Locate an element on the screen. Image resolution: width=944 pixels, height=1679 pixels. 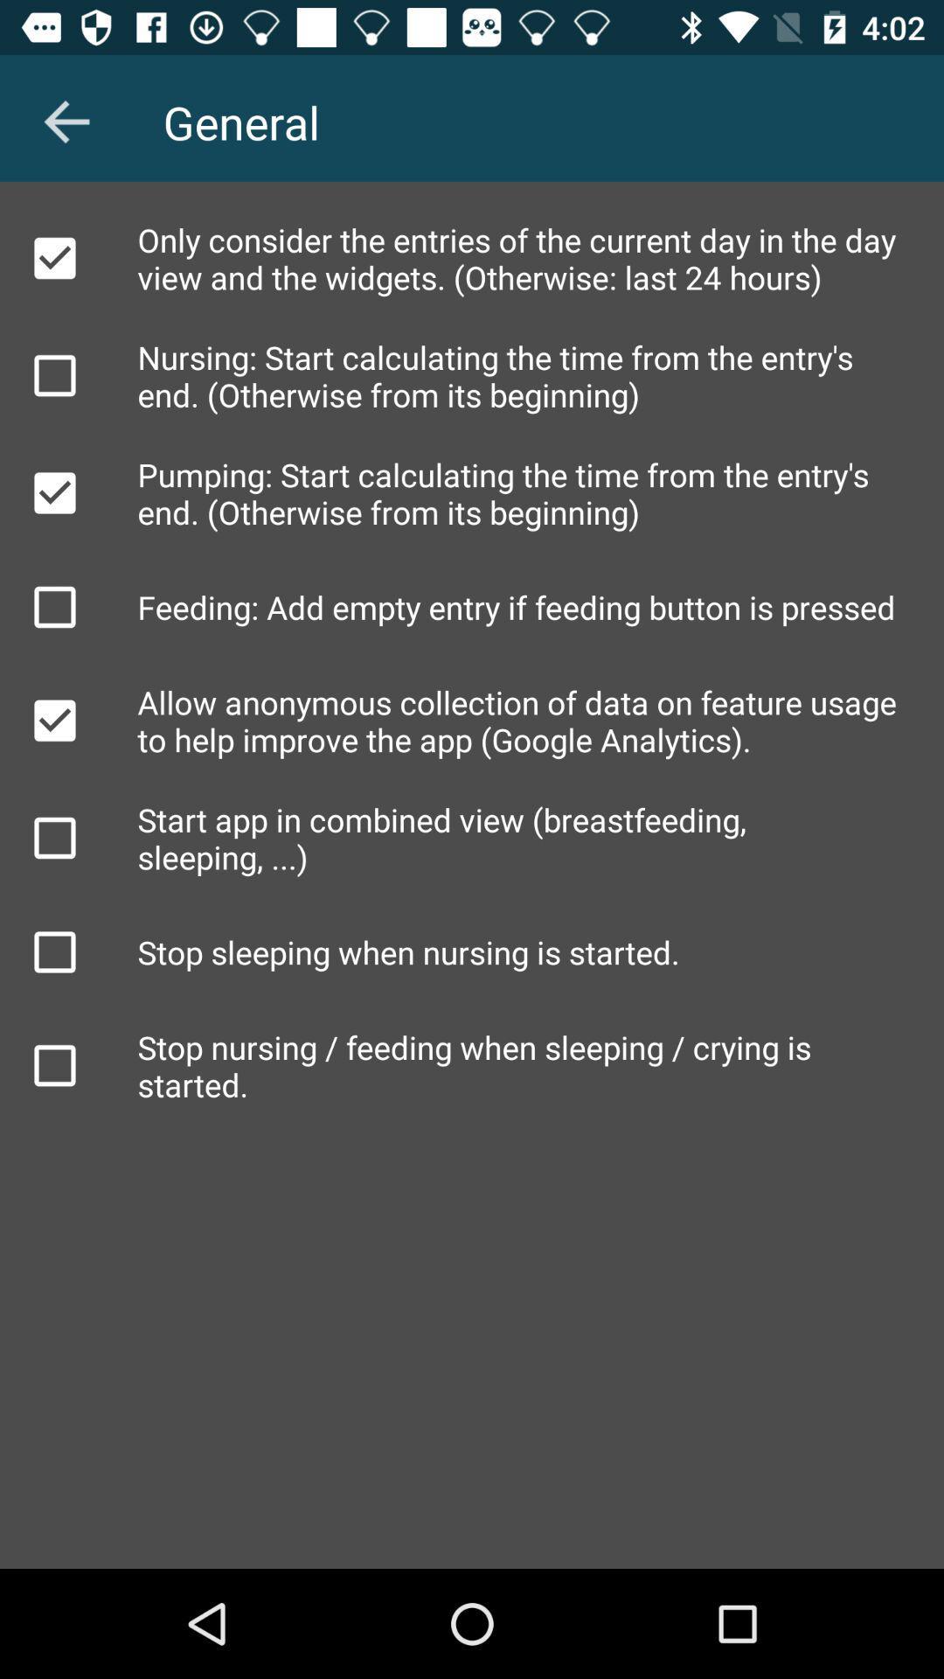
function checkbox is located at coordinates (53, 491).